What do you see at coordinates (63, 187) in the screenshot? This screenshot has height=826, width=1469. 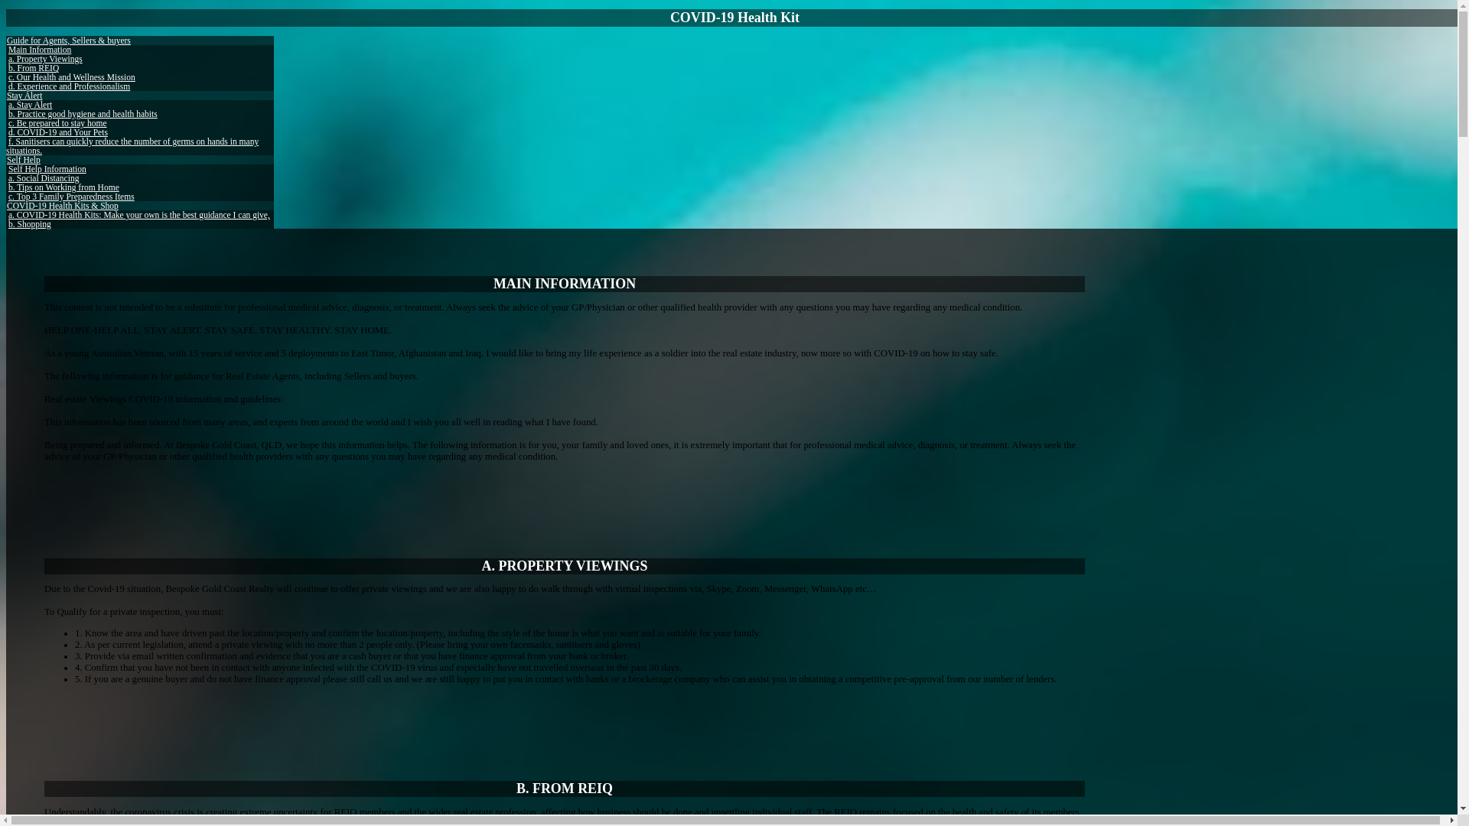 I see `'b. Tips on Working from Home'` at bounding box center [63, 187].